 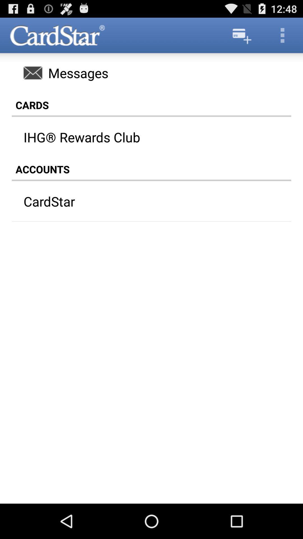 What do you see at coordinates (151, 105) in the screenshot?
I see `the cards icon` at bounding box center [151, 105].